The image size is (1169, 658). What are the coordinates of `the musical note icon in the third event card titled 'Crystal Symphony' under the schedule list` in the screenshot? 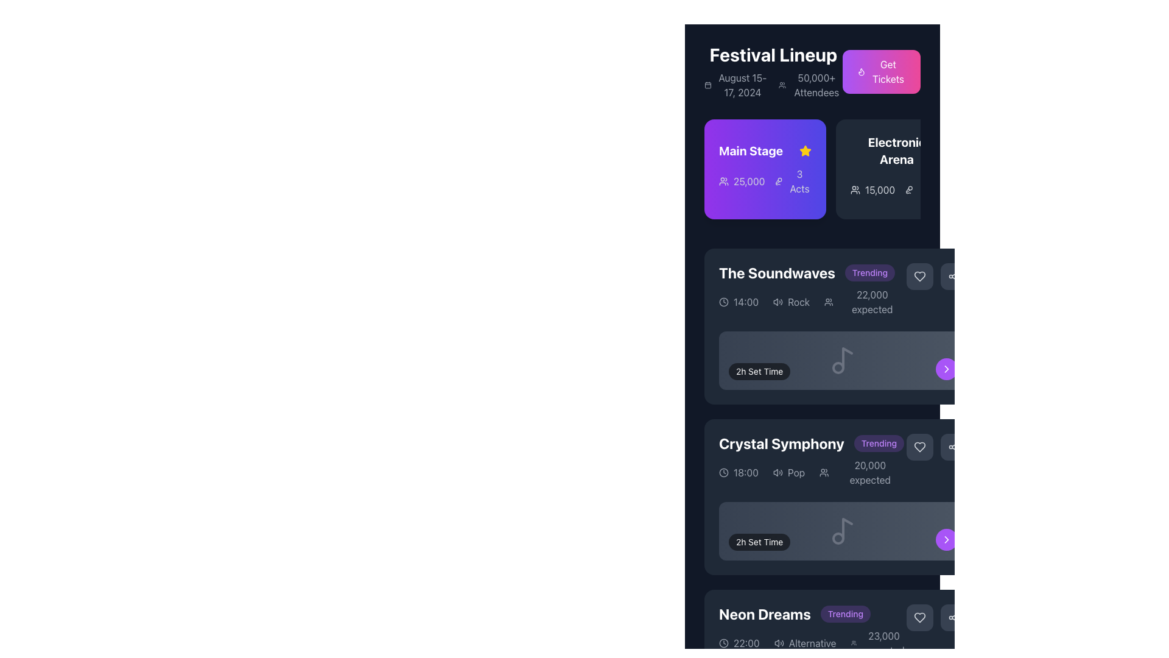 It's located at (842, 530).